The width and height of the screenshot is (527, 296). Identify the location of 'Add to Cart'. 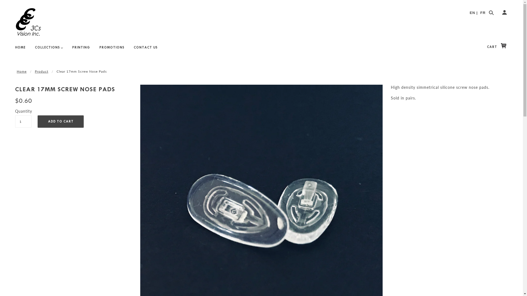
(60, 121).